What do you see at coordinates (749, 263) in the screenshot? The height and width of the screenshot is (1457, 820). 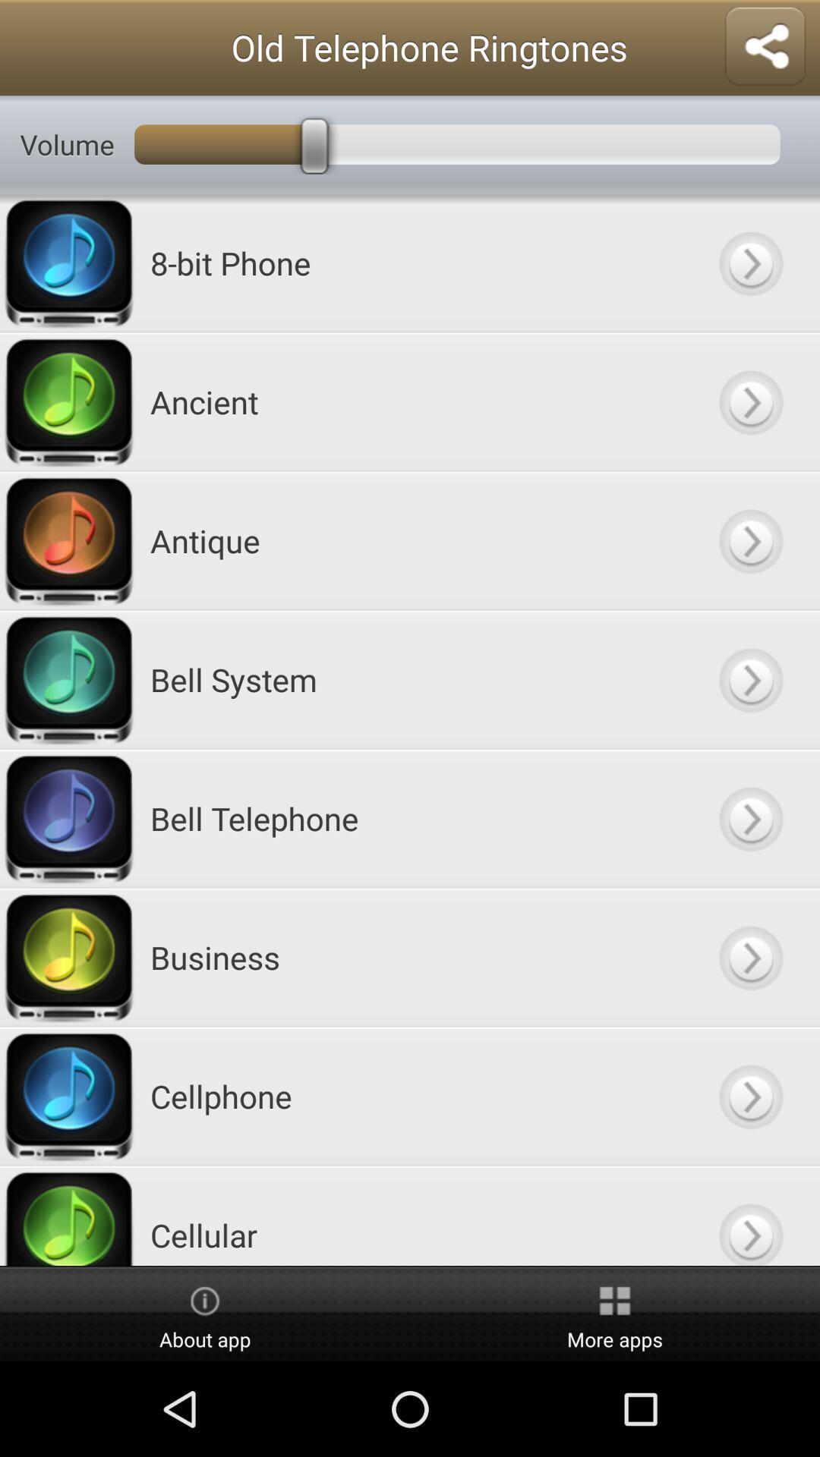 I see `key button` at bounding box center [749, 263].